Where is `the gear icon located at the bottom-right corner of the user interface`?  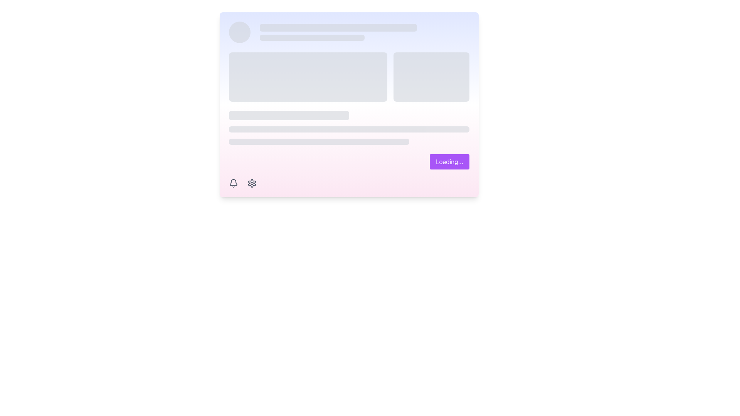
the gear icon located at the bottom-right corner of the user interface is located at coordinates (252, 183).